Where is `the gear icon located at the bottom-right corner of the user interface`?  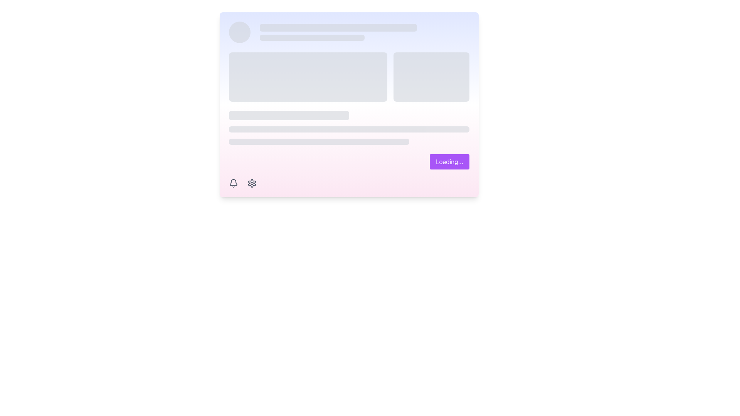
the gear icon located at the bottom-right corner of the user interface is located at coordinates (252, 183).